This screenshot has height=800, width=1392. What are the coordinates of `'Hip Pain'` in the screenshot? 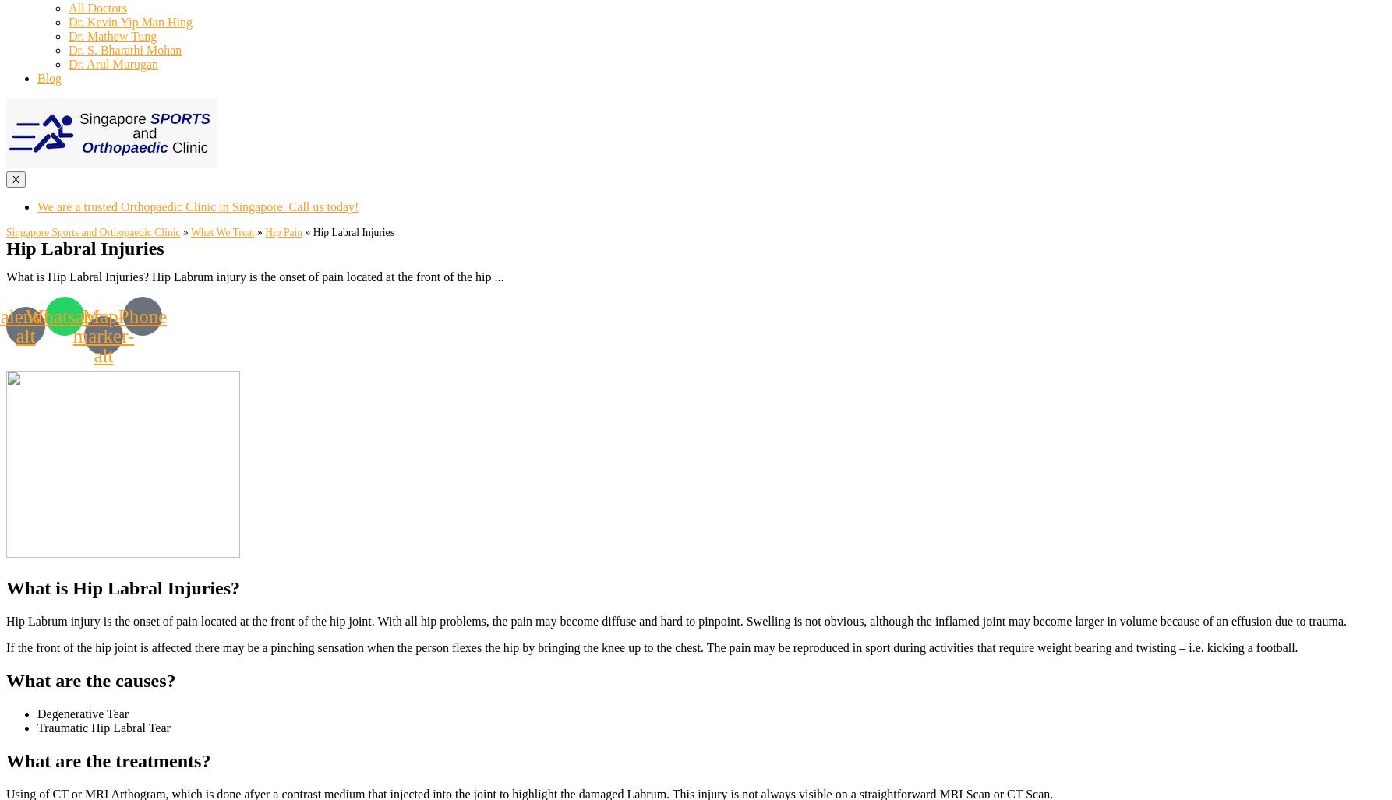 It's located at (283, 231).